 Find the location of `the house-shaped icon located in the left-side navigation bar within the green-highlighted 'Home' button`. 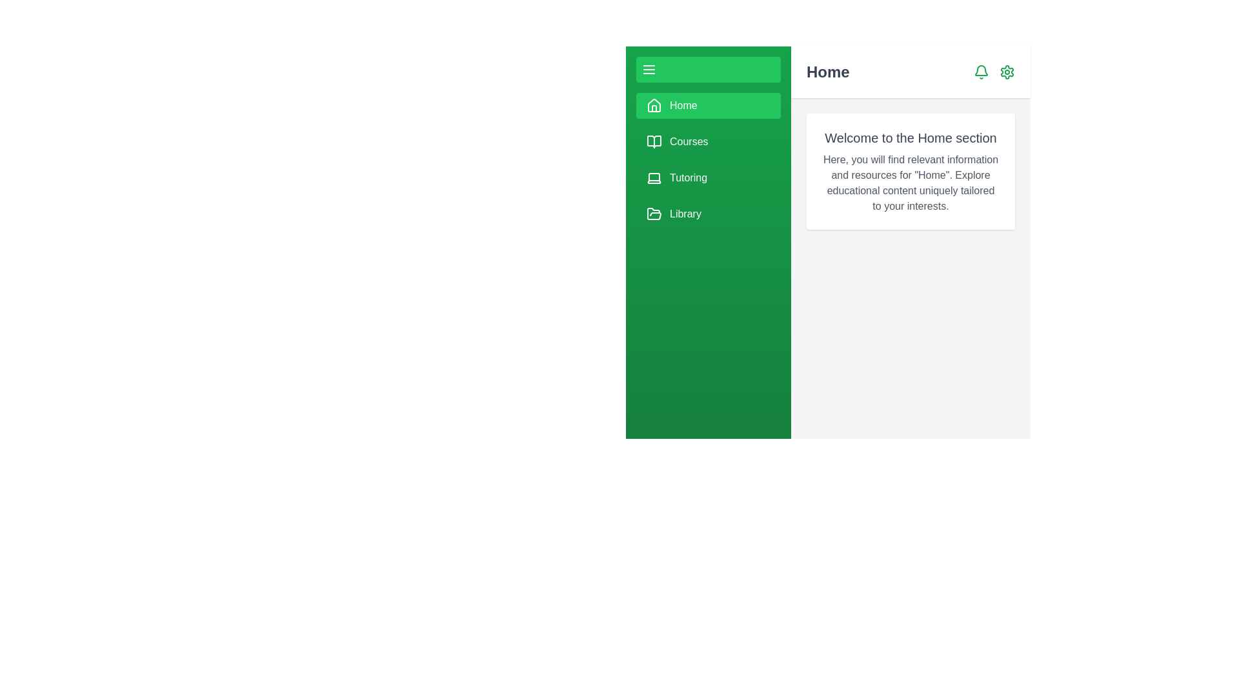

the house-shaped icon located in the left-side navigation bar within the green-highlighted 'Home' button is located at coordinates (654, 105).